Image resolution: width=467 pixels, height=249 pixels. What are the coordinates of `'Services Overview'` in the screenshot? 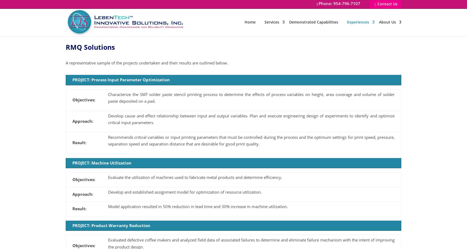 It's located at (280, 40).